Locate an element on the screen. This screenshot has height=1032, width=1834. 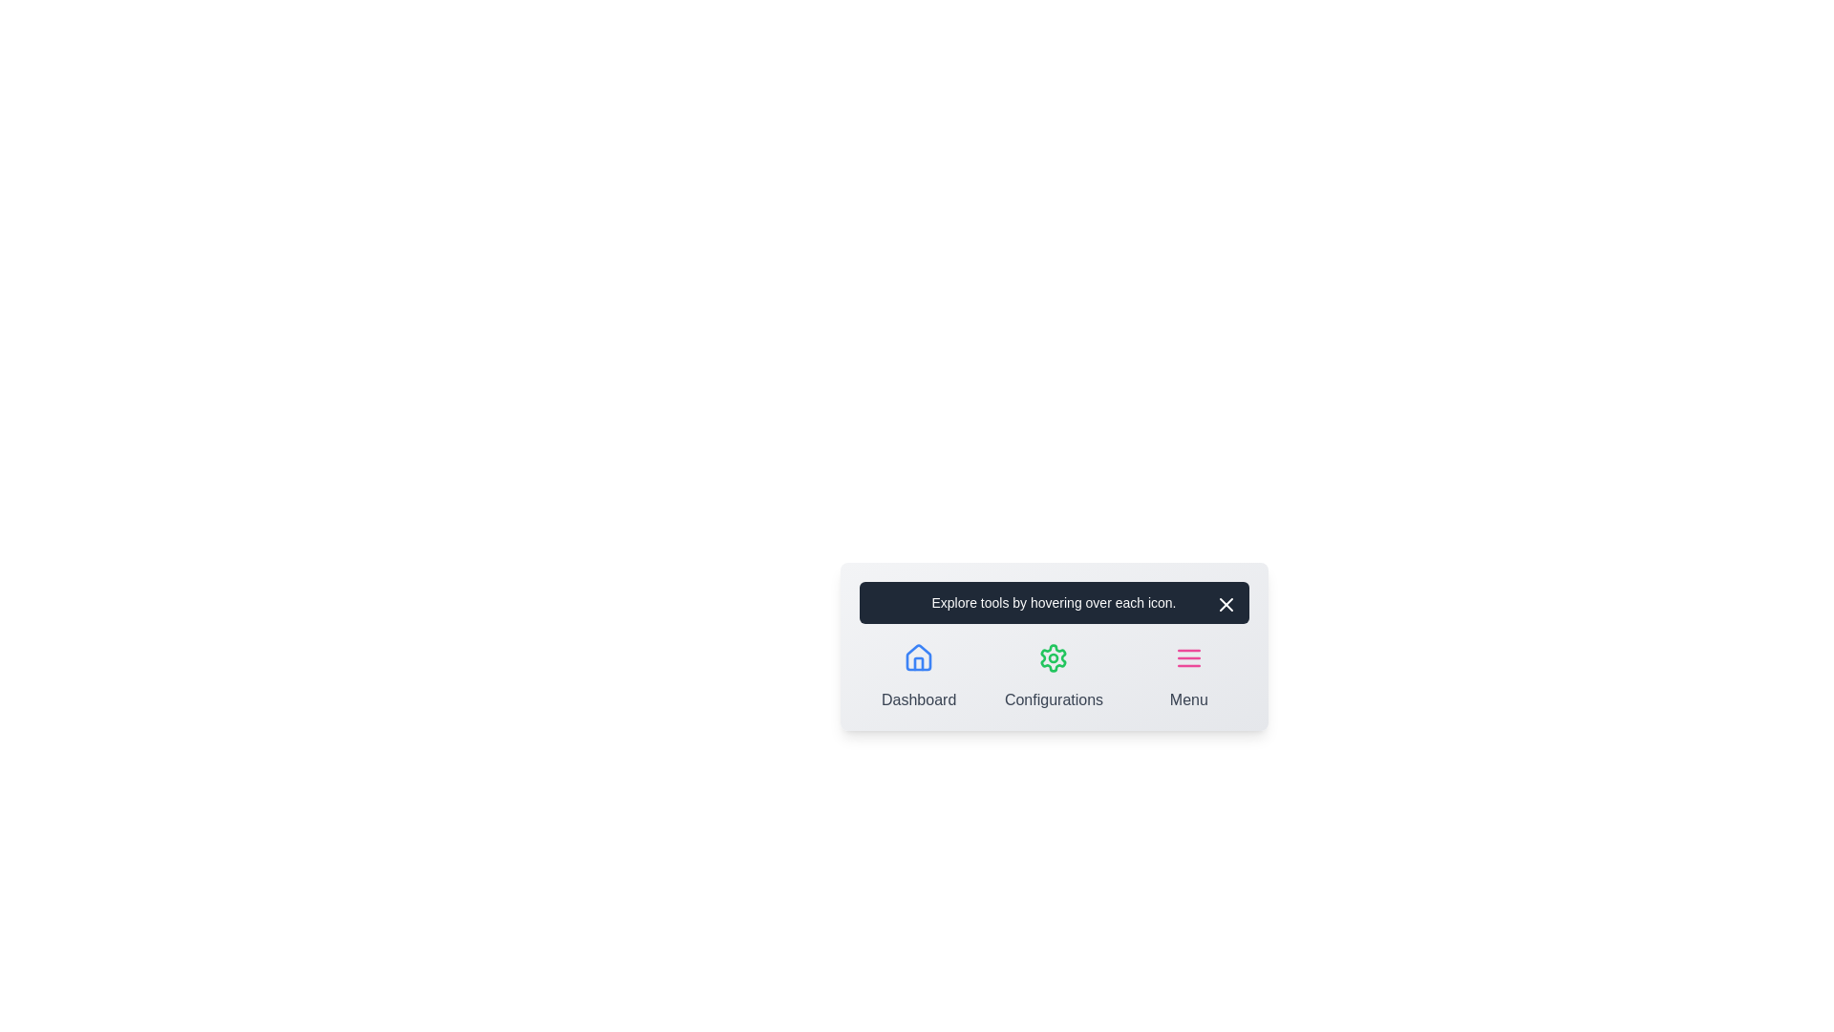
the Interactive Menu Component icons is located at coordinates (1053, 646).